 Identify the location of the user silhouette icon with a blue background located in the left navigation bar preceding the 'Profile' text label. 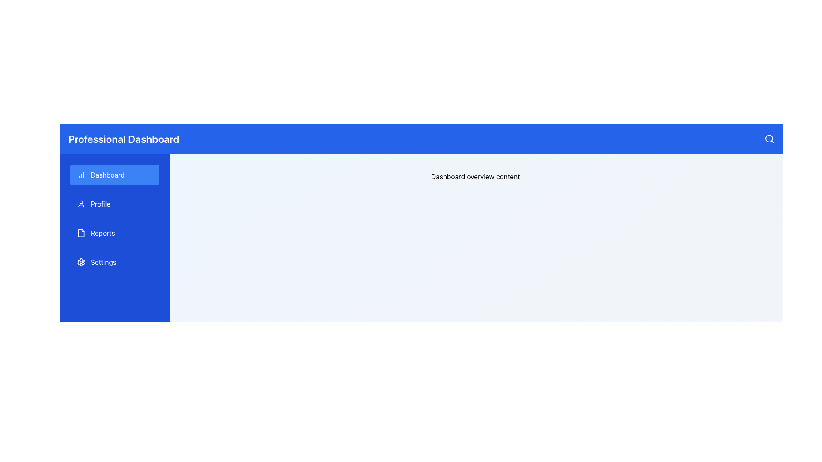
(81, 204).